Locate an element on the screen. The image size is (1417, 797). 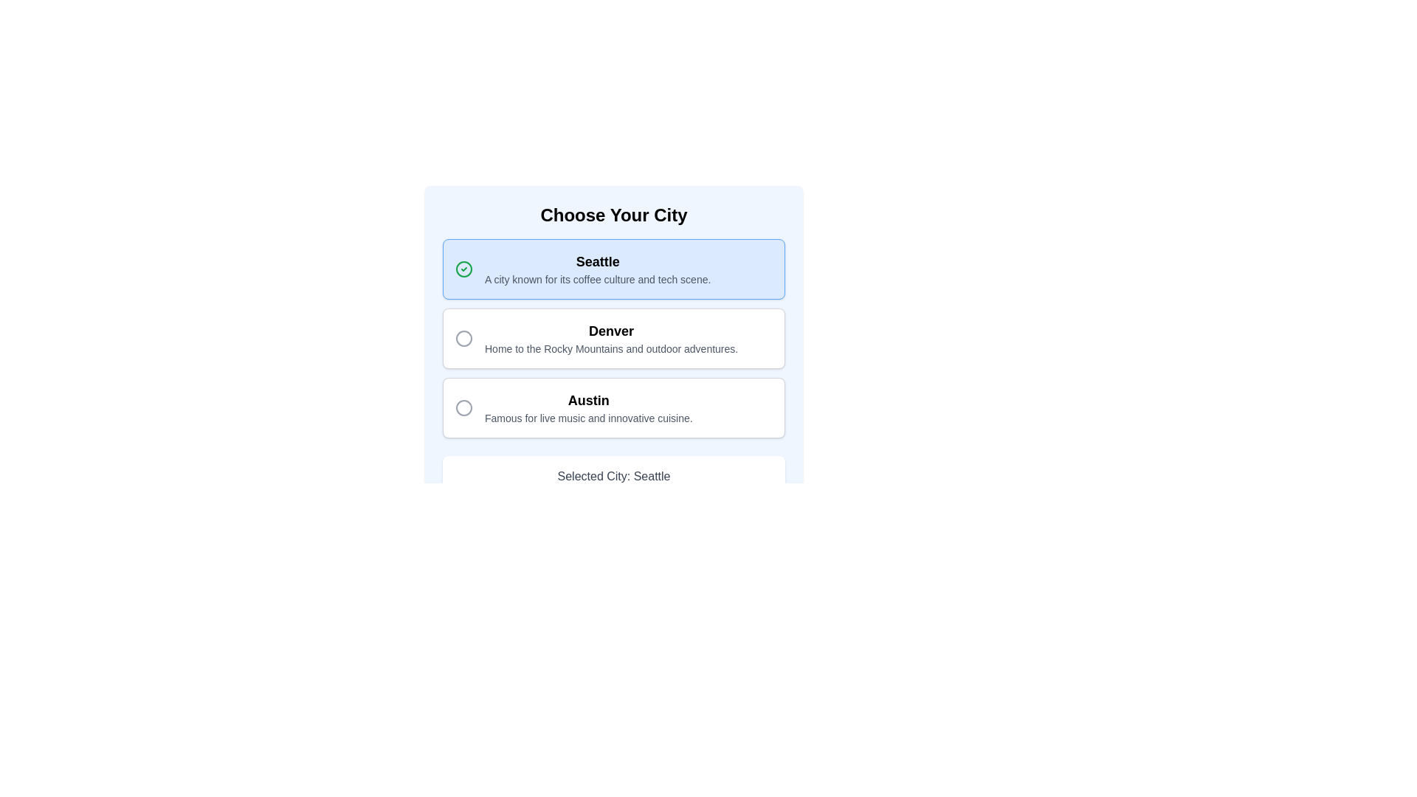
the text label displaying 'Denver' which is styled as a heading in bold, larger font, positioned prominently in the middle section of city options is located at coordinates (611, 330).